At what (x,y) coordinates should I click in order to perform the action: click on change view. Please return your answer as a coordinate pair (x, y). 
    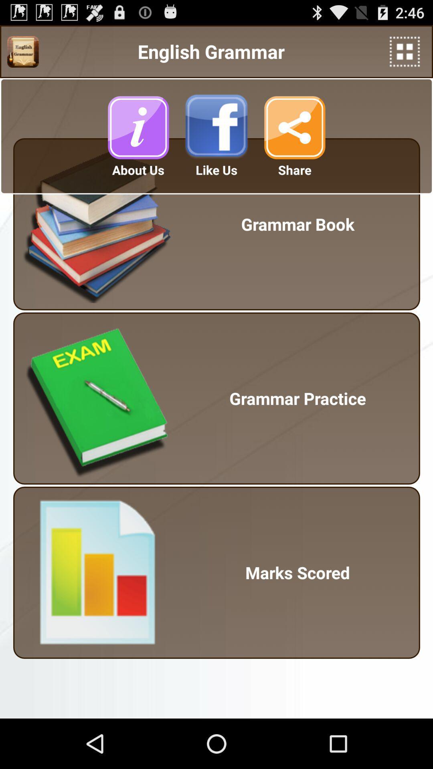
    Looking at the image, I should click on (405, 51).